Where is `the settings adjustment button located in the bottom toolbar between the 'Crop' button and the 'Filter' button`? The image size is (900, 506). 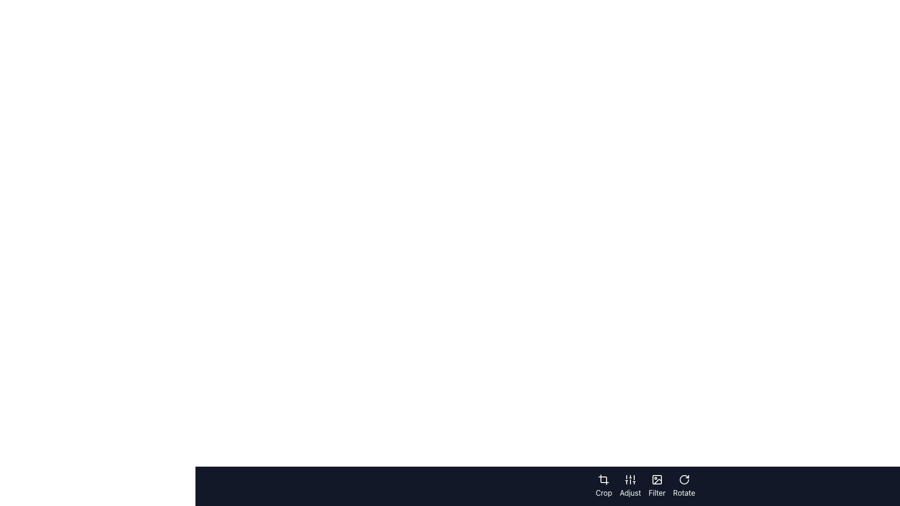
the settings adjustment button located in the bottom toolbar between the 'Crop' button and the 'Filter' button is located at coordinates (630, 485).